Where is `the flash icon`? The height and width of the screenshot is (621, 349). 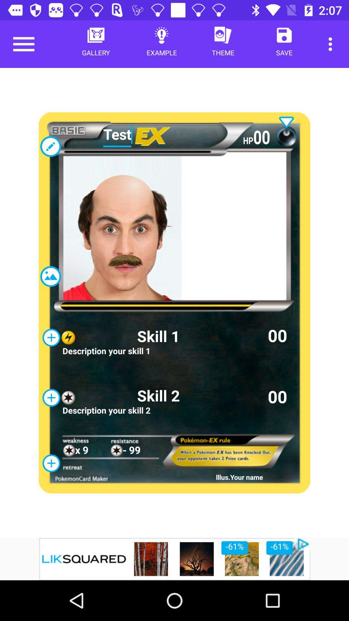 the flash icon is located at coordinates (68, 337).